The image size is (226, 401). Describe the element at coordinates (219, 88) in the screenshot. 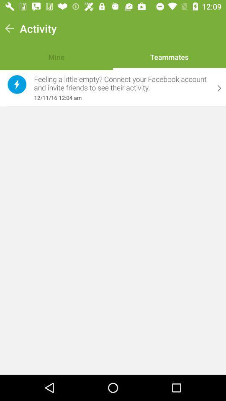

I see `the item next to feeling a little` at that location.